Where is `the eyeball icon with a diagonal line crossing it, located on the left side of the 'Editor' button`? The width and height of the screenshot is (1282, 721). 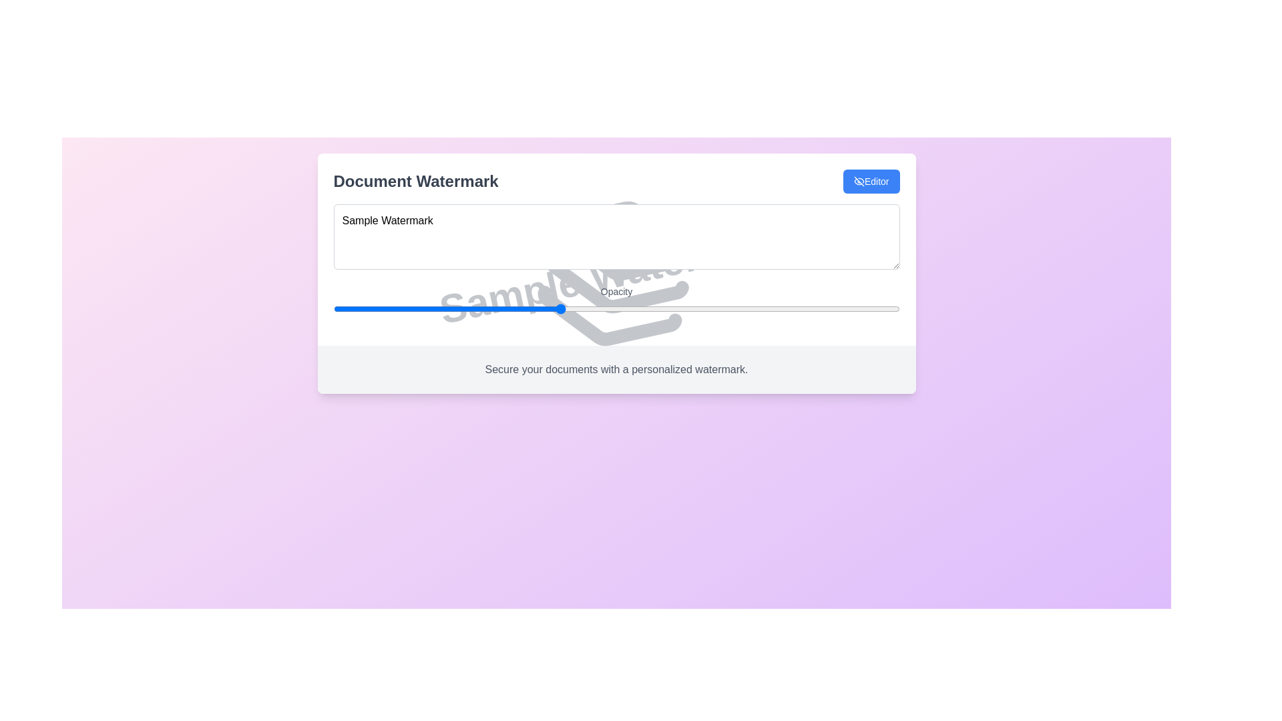 the eyeball icon with a diagonal line crossing it, located on the left side of the 'Editor' button is located at coordinates (859, 182).